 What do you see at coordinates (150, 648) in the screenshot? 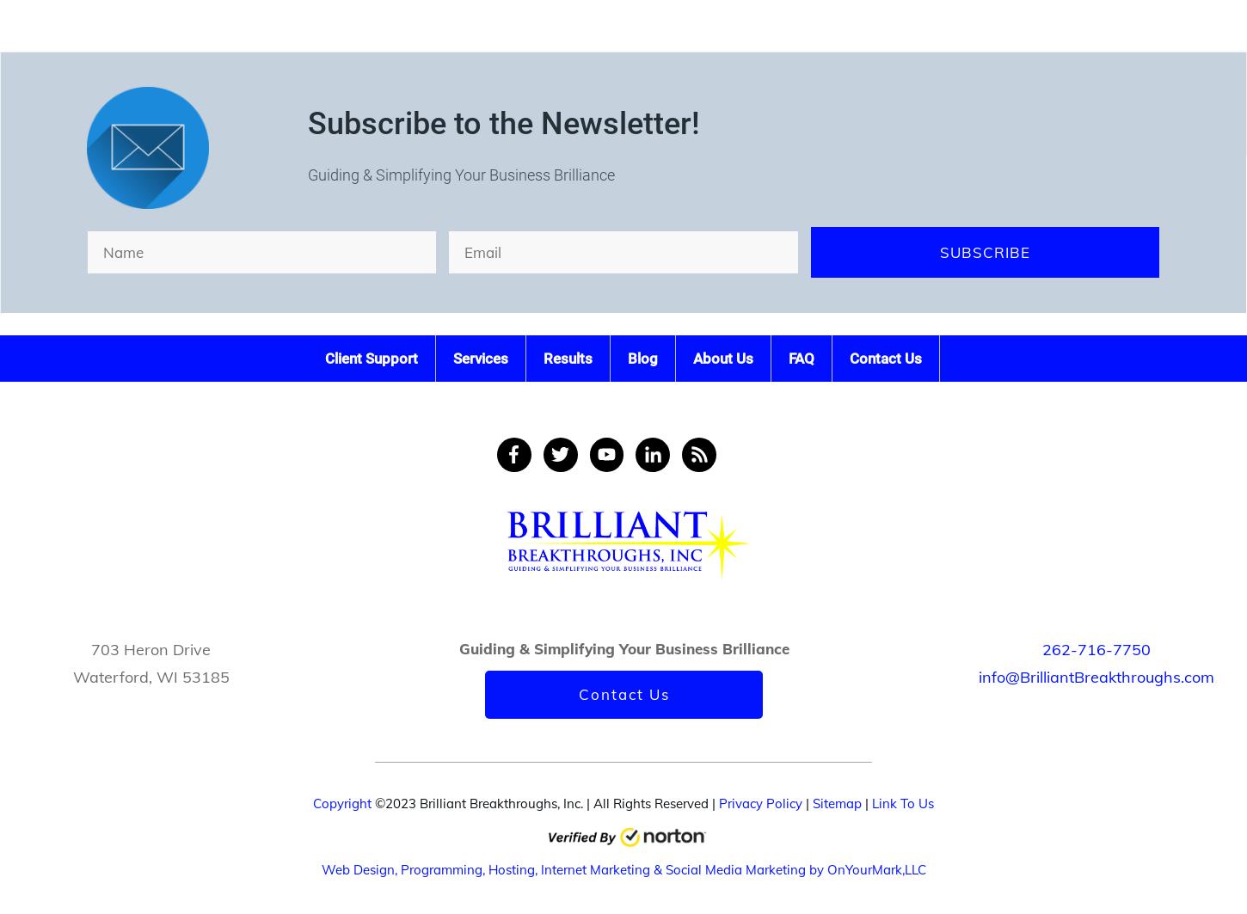
I see `'703 Heron Drive'` at bounding box center [150, 648].